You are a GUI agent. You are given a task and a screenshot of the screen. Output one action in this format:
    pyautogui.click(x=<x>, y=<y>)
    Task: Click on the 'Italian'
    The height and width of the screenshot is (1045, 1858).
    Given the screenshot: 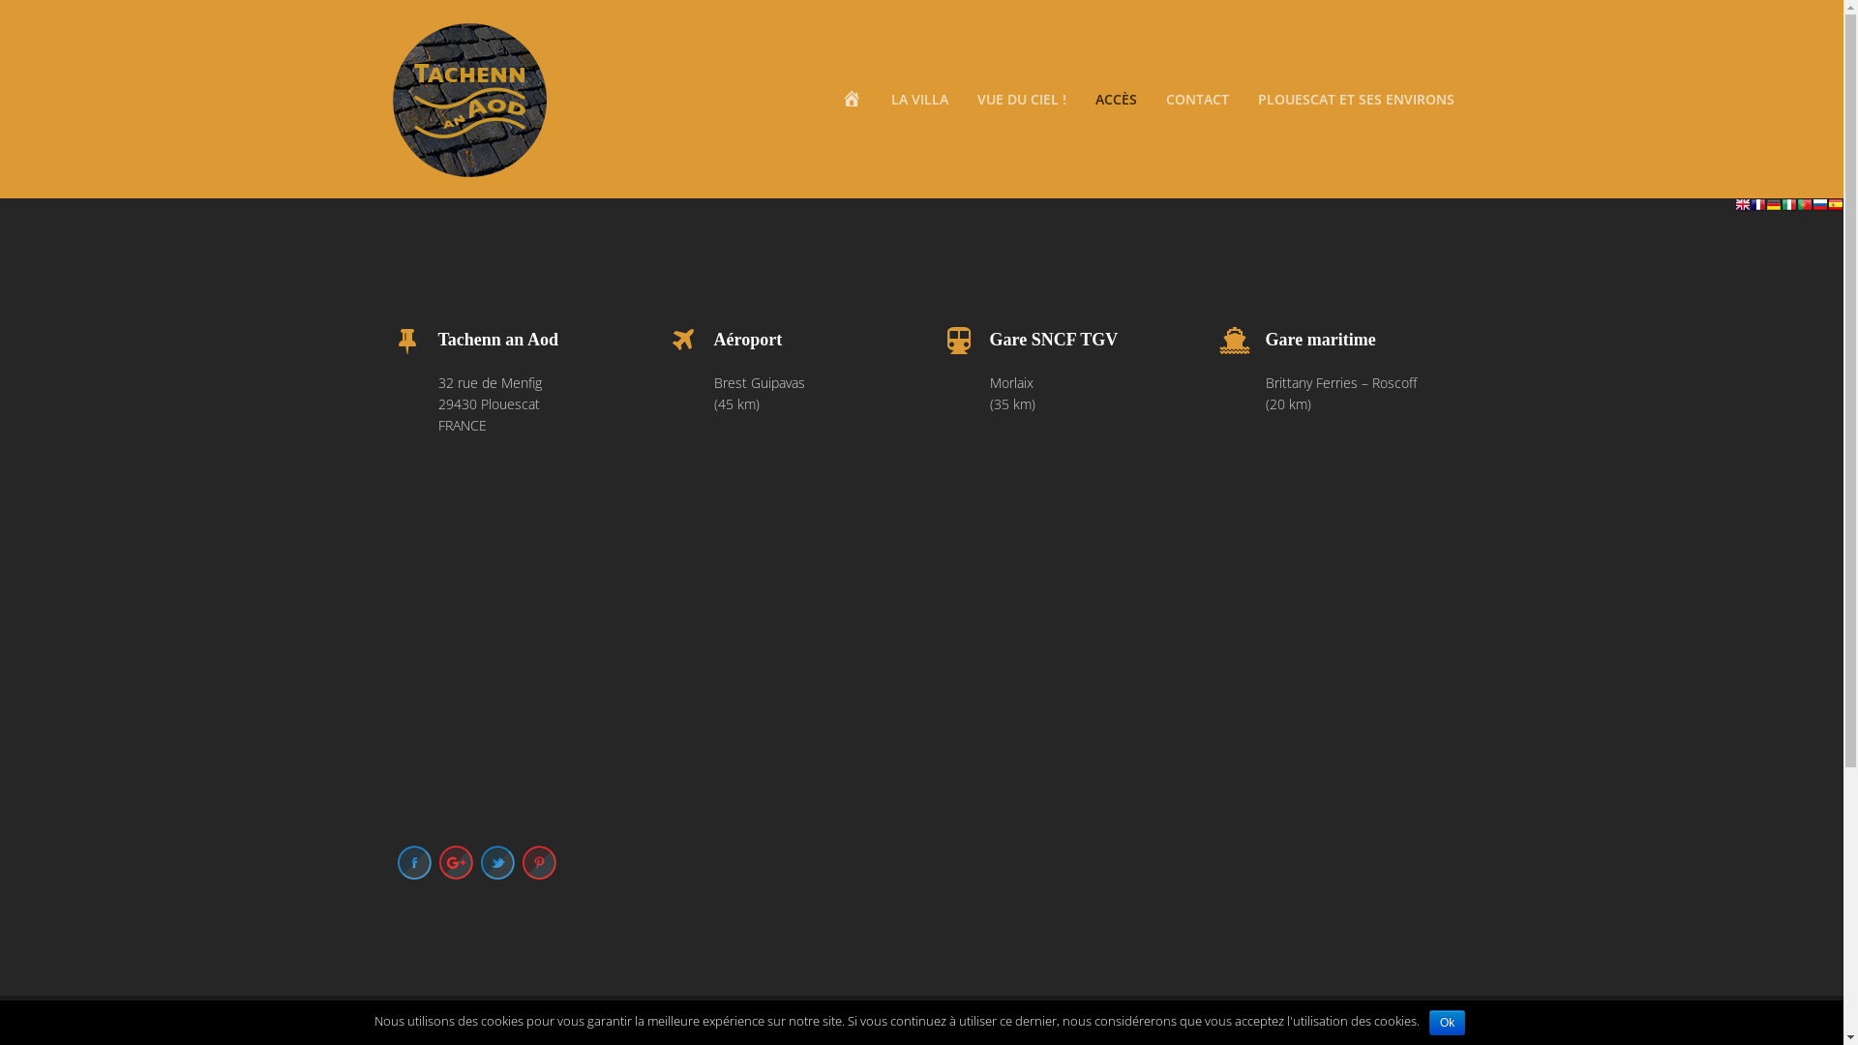 What is the action you would take?
    pyautogui.click(x=1787, y=209)
    